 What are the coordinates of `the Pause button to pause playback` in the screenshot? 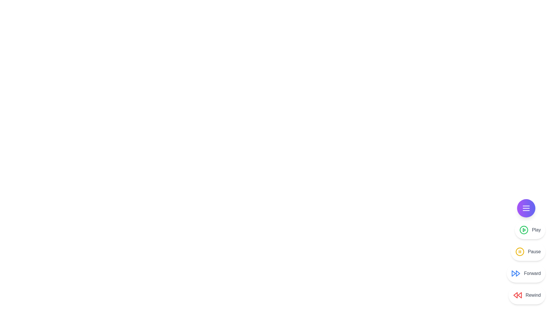 It's located at (528, 251).